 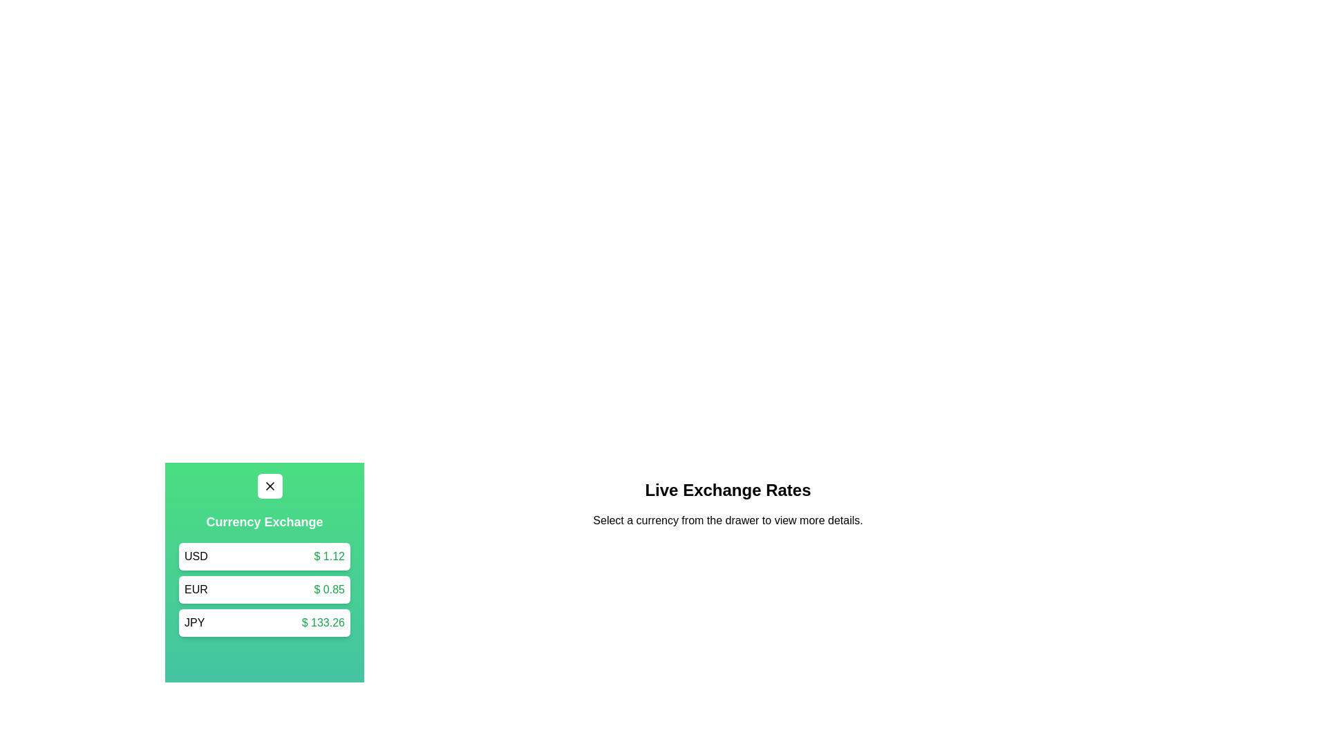 I want to click on toggle button to open or close the drawer, so click(x=270, y=486).